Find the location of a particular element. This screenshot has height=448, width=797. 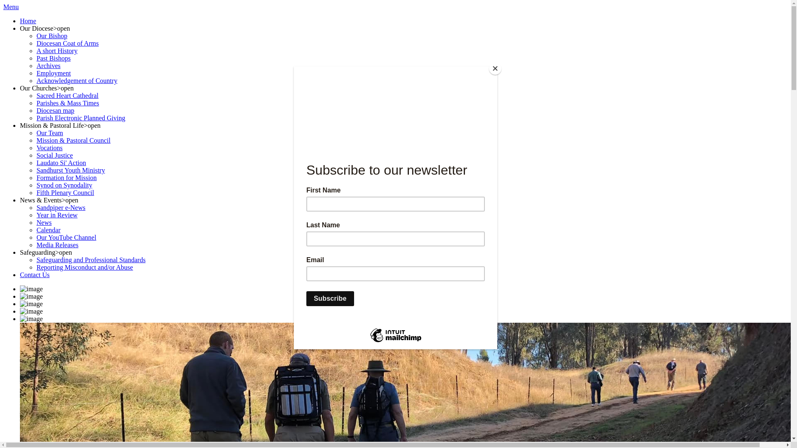

'Mission & Pastoral Council' is located at coordinates (73, 140).